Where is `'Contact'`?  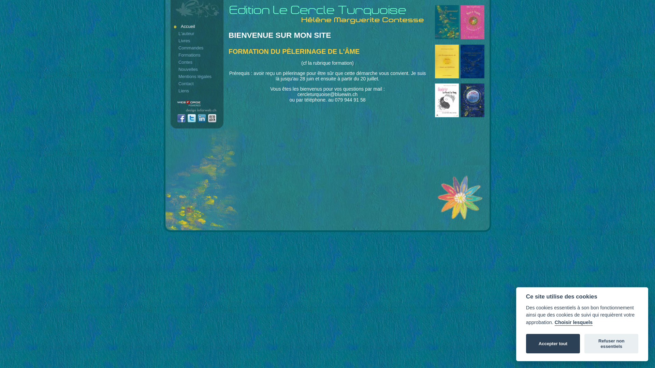
'Contact' is located at coordinates (197, 83).